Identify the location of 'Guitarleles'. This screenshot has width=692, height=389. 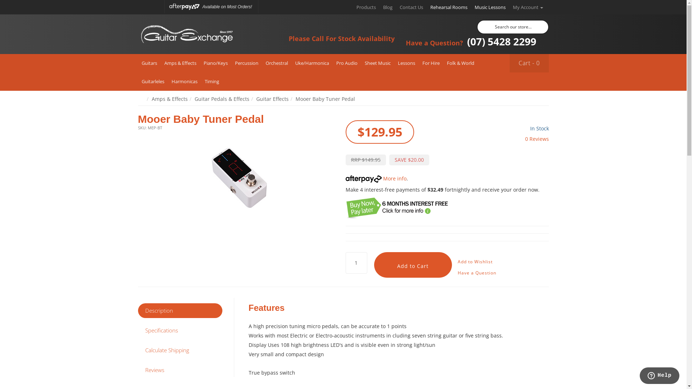
(138, 81).